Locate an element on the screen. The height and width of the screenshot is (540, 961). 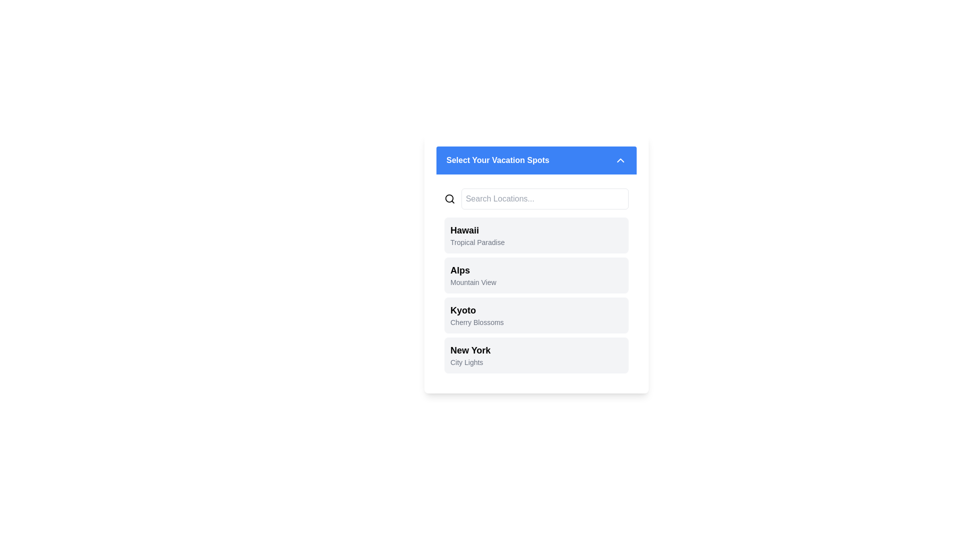
the button labeled 'Hawaii' with a light gray background and rounded corners is located at coordinates (536, 235).